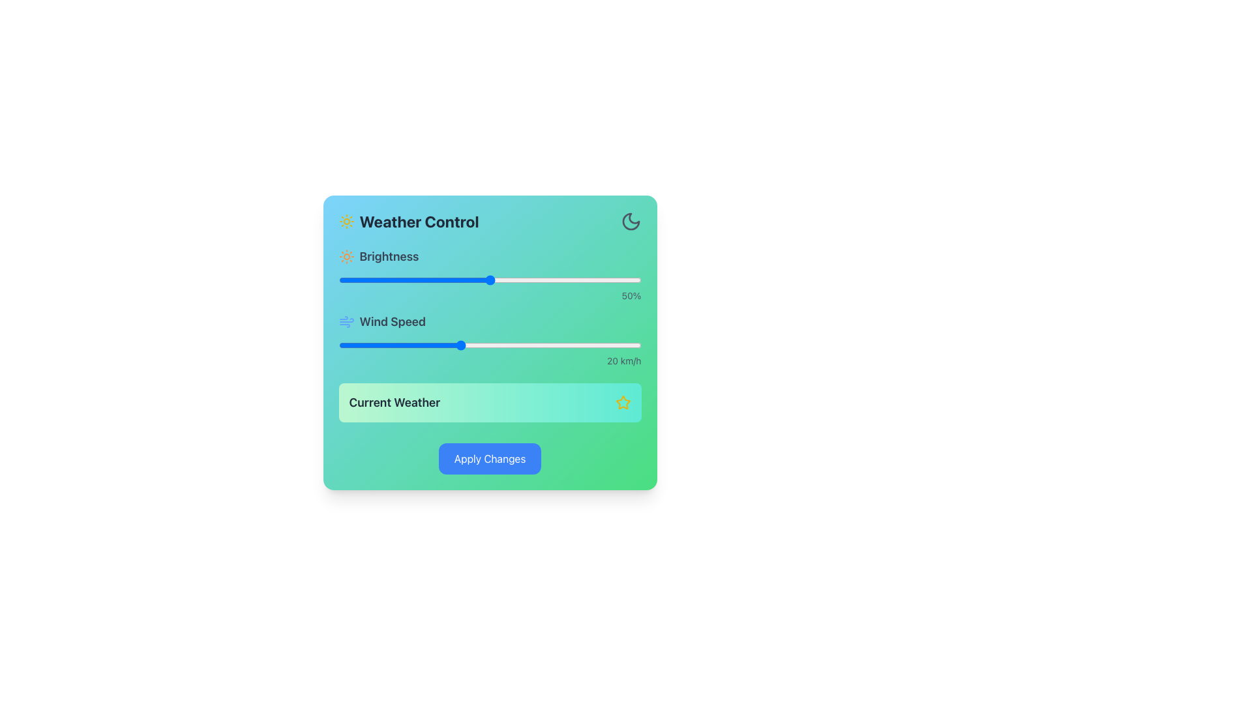 The width and height of the screenshot is (1252, 704). Describe the element at coordinates (489, 344) in the screenshot. I see `the slider thumb of the Wind Speed slider, positioned below the Brightness slider` at that location.